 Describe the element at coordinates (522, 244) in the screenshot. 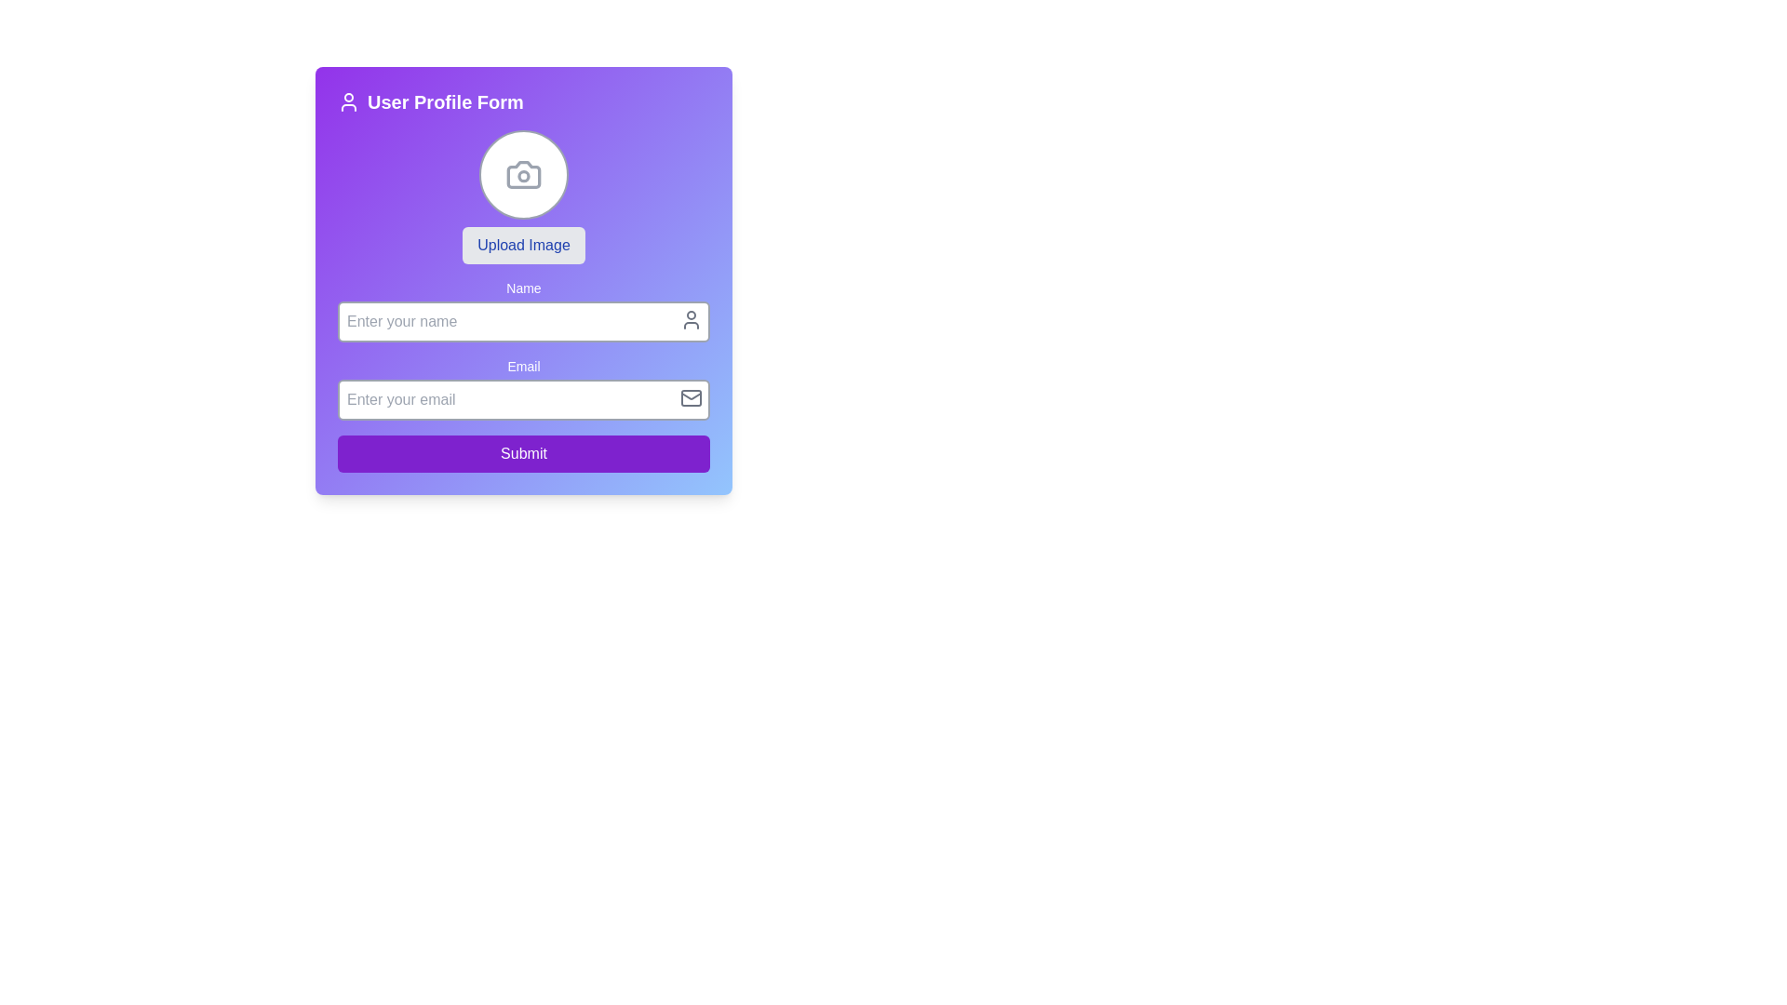

I see `the image upload button located beneath the circular profile image placeholder in the form layout to observe its hover effect` at that location.